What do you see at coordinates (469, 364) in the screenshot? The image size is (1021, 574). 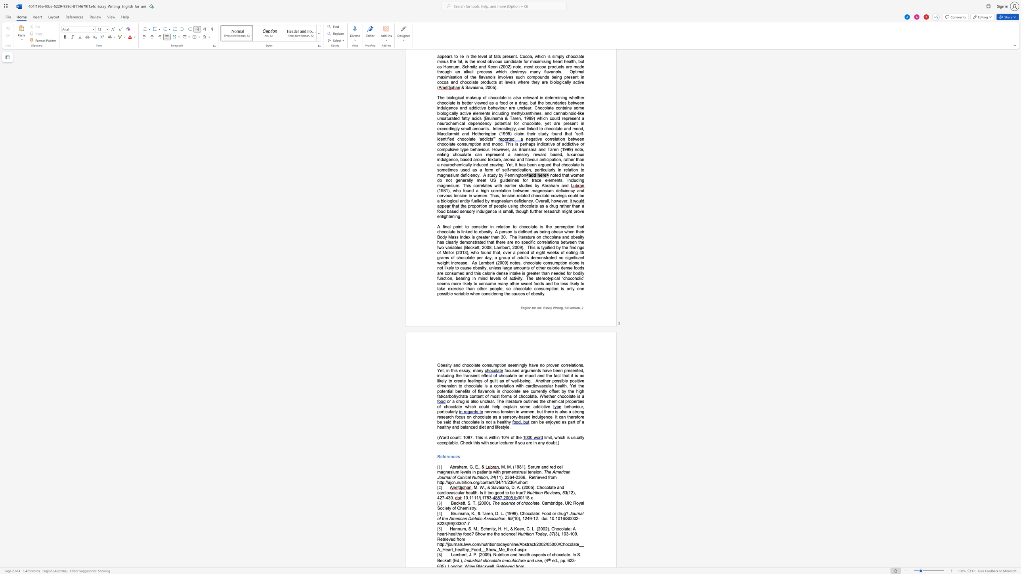 I see `the space between the continuous character "o" and "c" in the text` at bounding box center [469, 364].